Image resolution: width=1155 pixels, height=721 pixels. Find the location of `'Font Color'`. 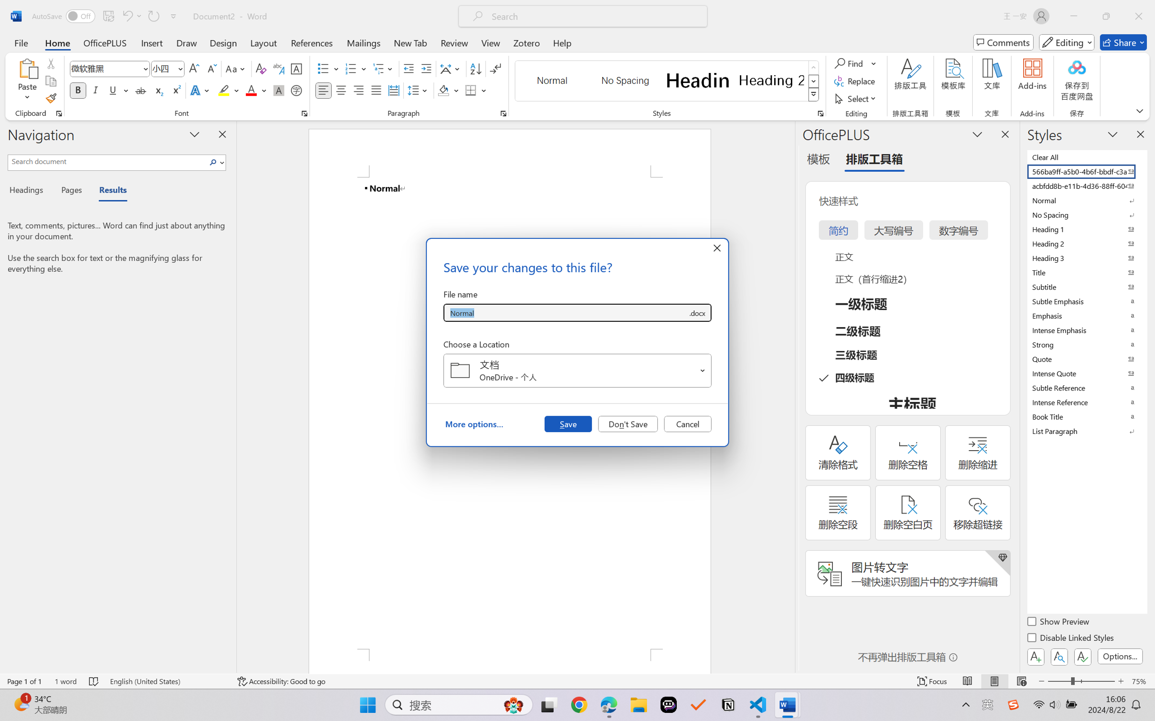

'Font Color' is located at coordinates (256, 90).